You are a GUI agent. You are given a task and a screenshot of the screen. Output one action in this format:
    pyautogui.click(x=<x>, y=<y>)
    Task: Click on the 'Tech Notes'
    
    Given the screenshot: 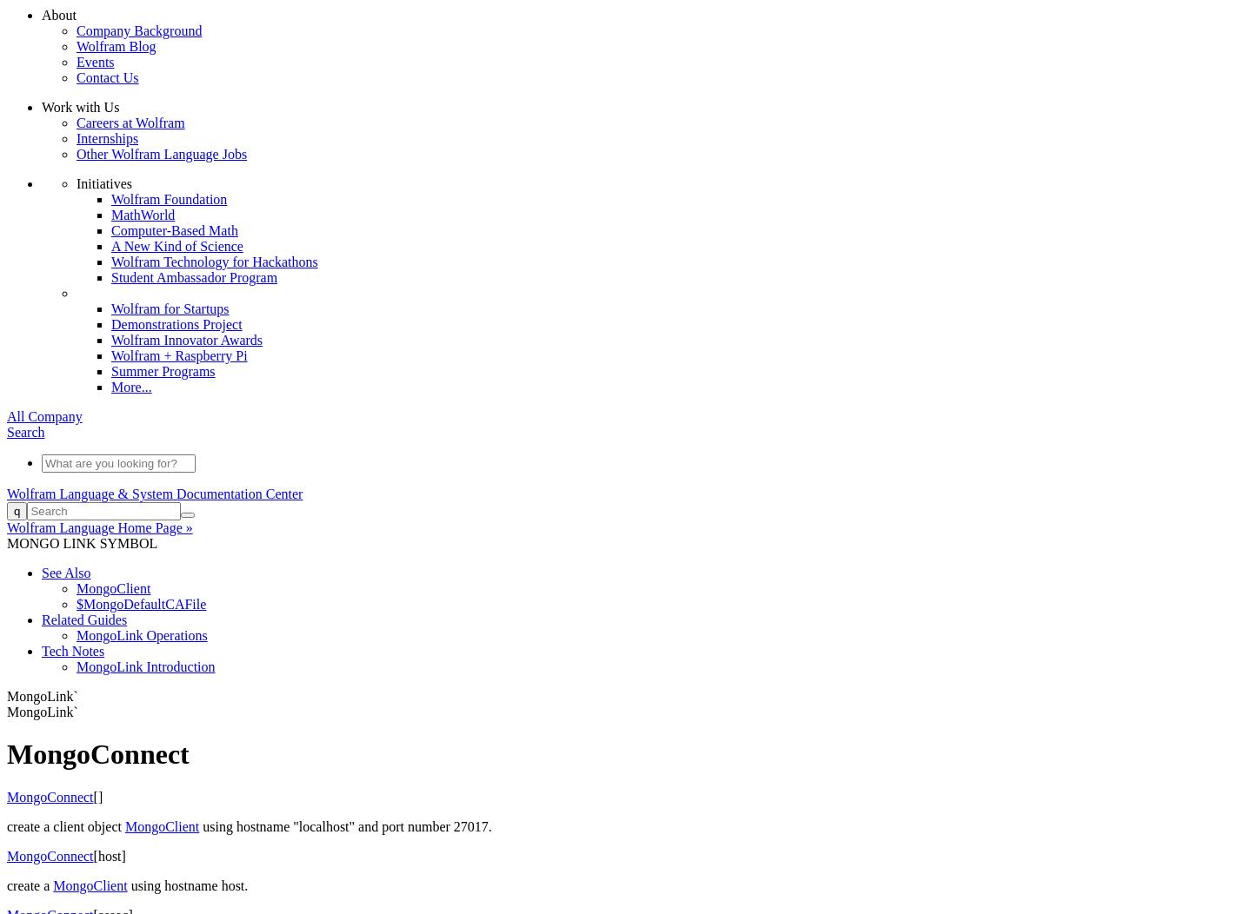 What is the action you would take?
    pyautogui.click(x=72, y=649)
    